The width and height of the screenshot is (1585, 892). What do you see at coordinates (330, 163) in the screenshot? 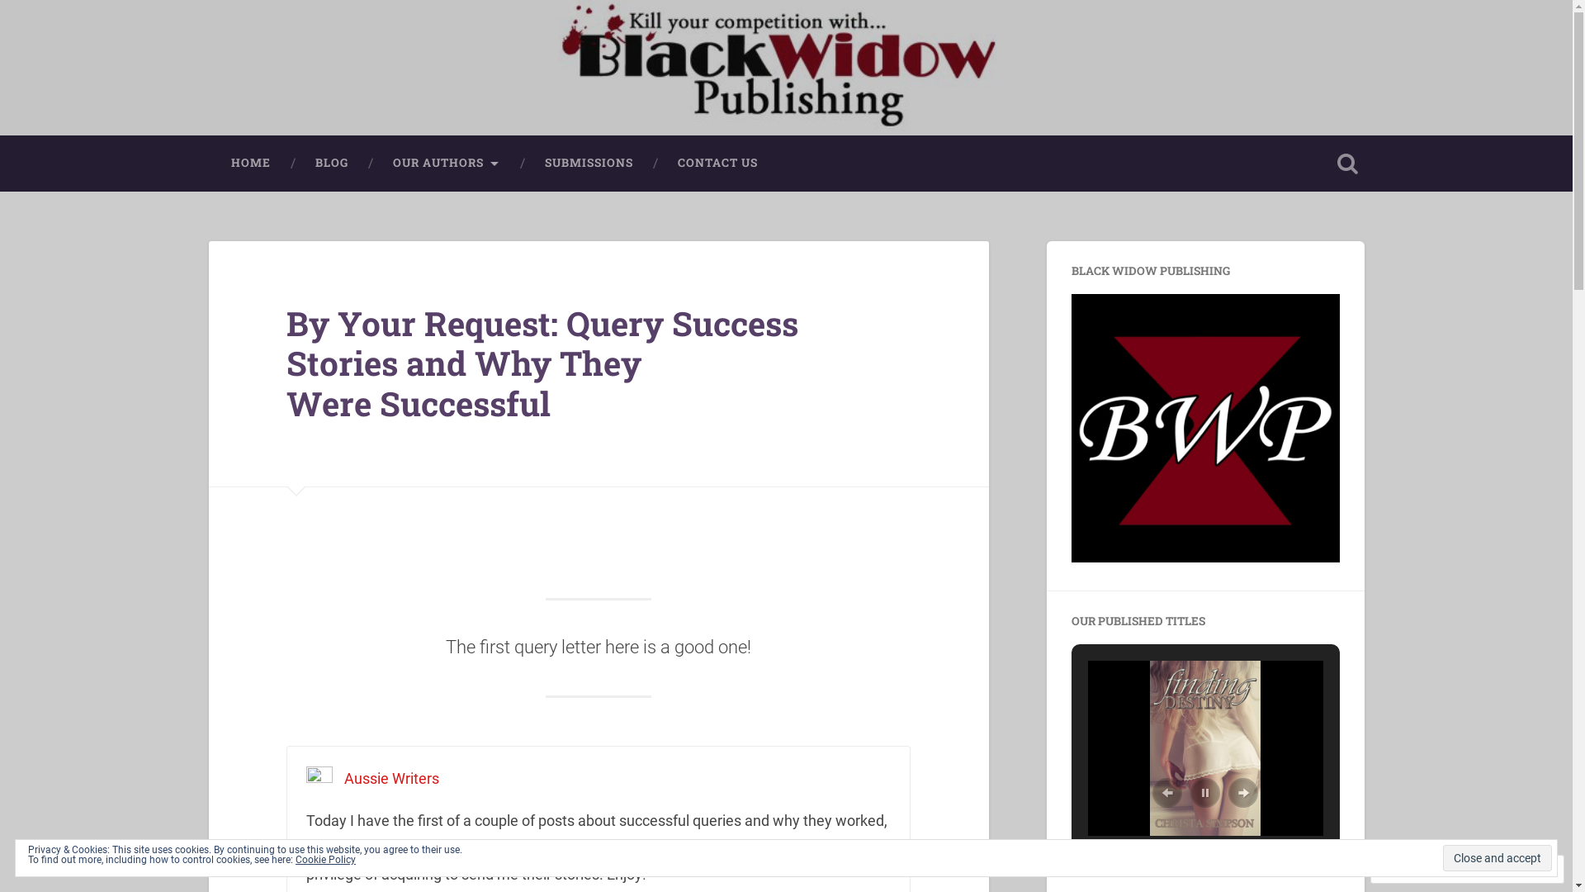
I see `'BLOG'` at bounding box center [330, 163].